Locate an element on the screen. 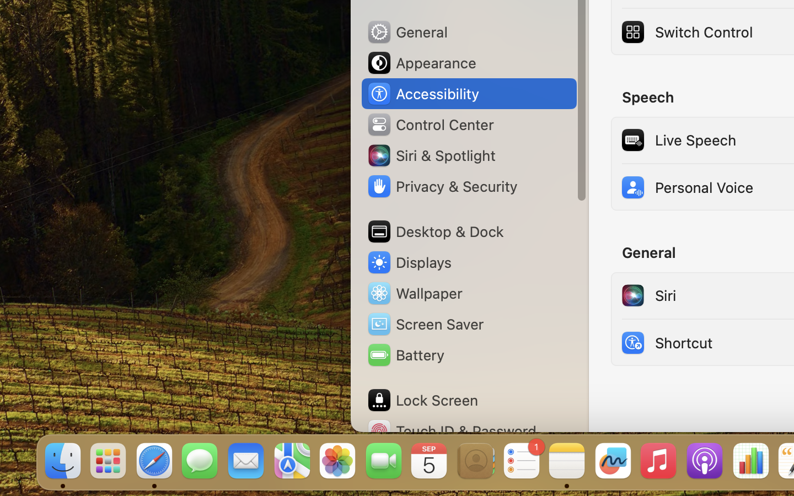 The image size is (794, 496). 'Siri & Spotlight' is located at coordinates (431, 154).